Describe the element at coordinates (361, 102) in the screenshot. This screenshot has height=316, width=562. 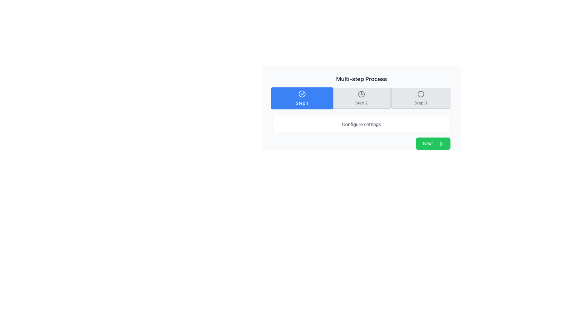
I see `the 'Step 2' static text label, which is part of a segmented control indicating the second step in a navigation sequence` at that location.